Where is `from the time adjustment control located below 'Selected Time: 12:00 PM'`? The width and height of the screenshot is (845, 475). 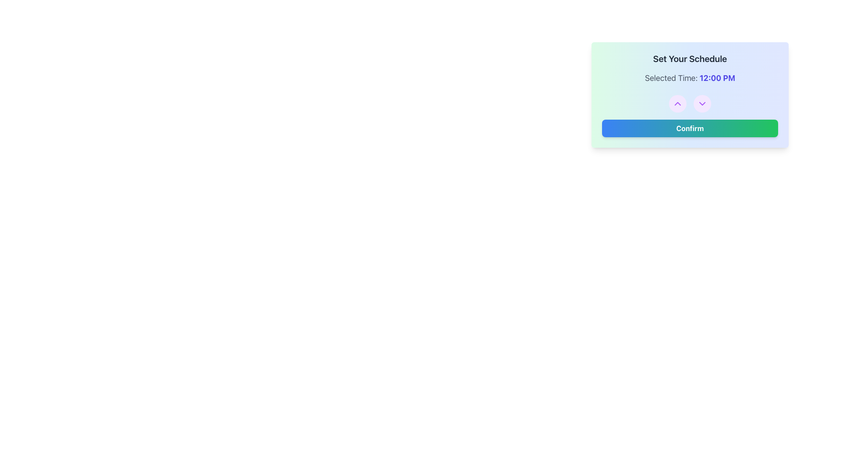
from the time adjustment control located below 'Selected Time: 12:00 PM' is located at coordinates (690, 103).